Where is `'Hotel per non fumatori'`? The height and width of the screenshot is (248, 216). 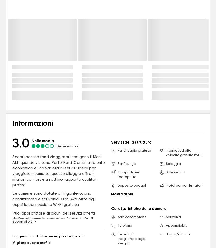
'Hotel per non fumatori' is located at coordinates (184, 186).